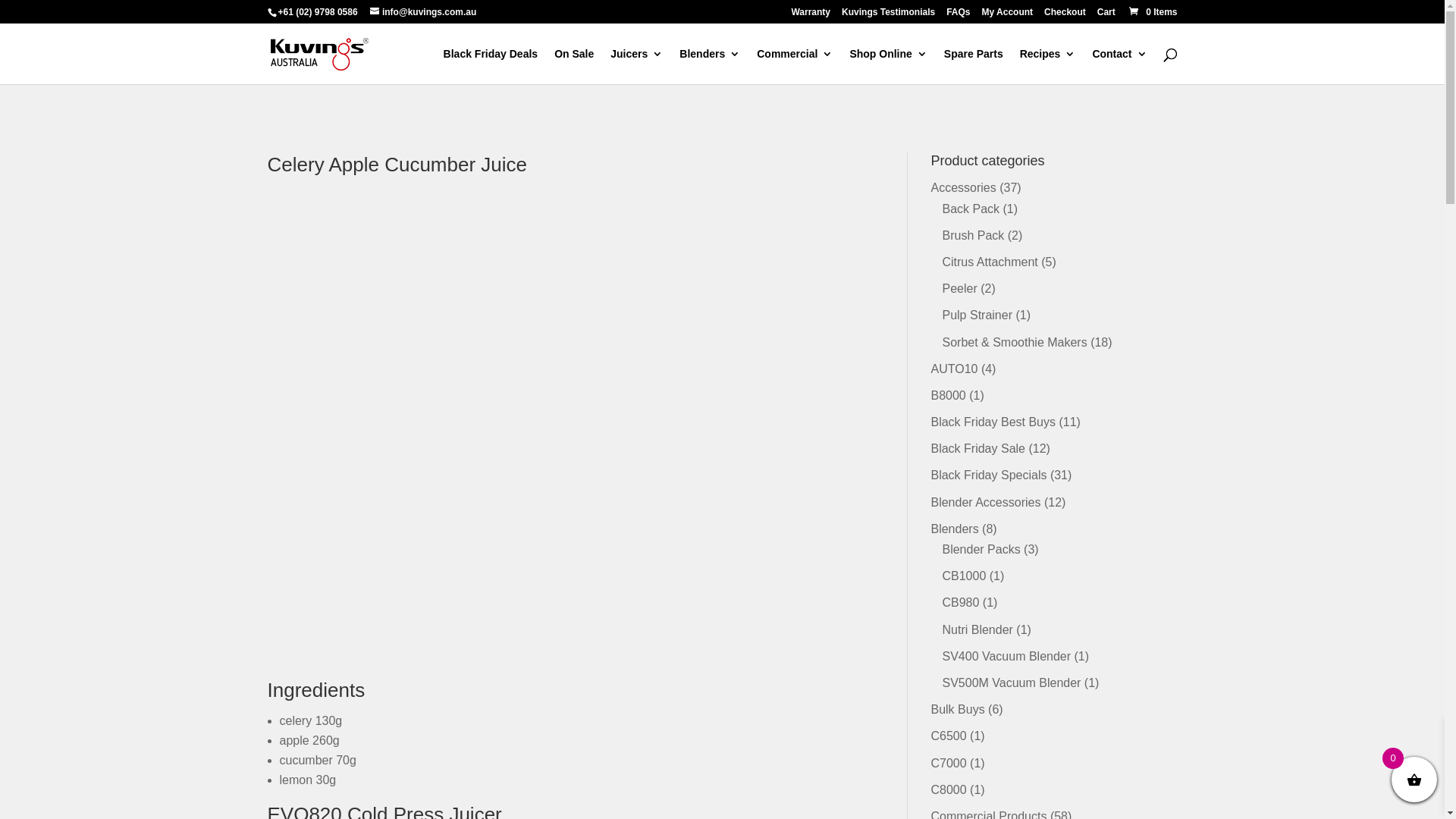 Image resolution: width=1456 pixels, height=819 pixels. Describe the element at coordinates (1106, 15) in the screenshot. I see `'Cart'` at that location.